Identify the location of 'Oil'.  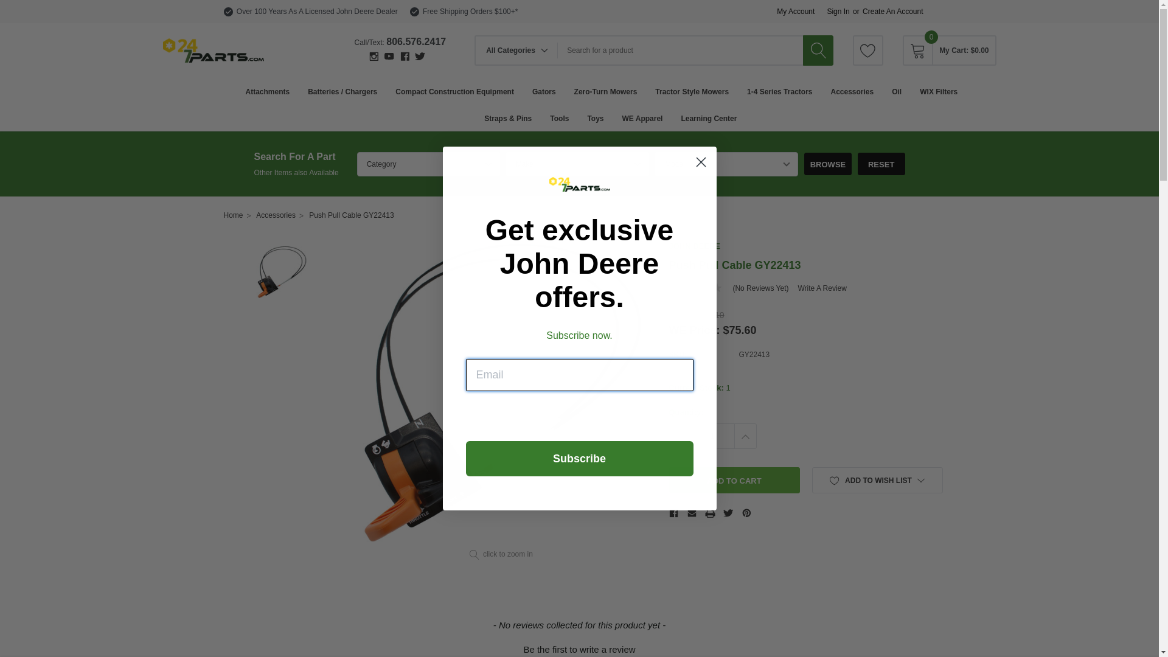
(896, 91).